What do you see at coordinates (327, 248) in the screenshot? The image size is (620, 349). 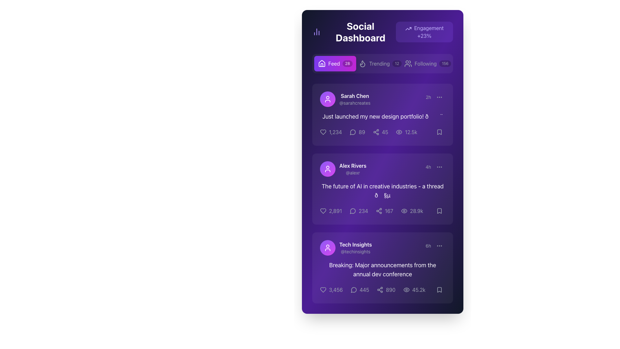 I see `the profile avatar associated with the 'Tech Insights' post, which is positioned to the left of the text 'Tech Insights @techinsights' in the bottommost section of the list of posts` at bounding box center [327, 248].